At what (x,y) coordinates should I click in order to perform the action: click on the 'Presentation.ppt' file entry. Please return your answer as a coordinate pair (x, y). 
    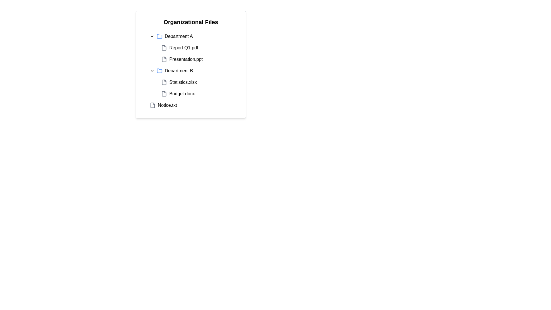
    Looking at the image, I should click on (182, 59).